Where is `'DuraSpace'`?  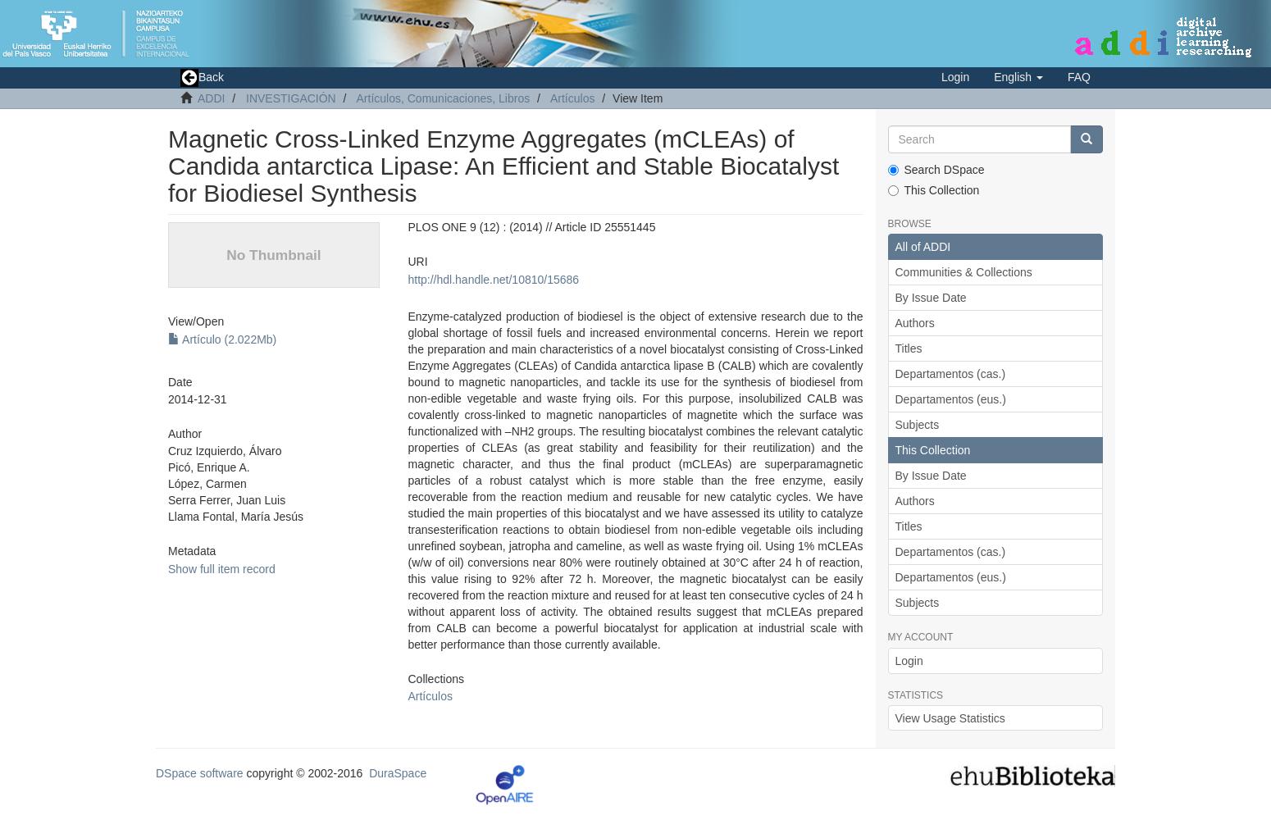
'DuraSpace' is located at coordinates (396, 772).